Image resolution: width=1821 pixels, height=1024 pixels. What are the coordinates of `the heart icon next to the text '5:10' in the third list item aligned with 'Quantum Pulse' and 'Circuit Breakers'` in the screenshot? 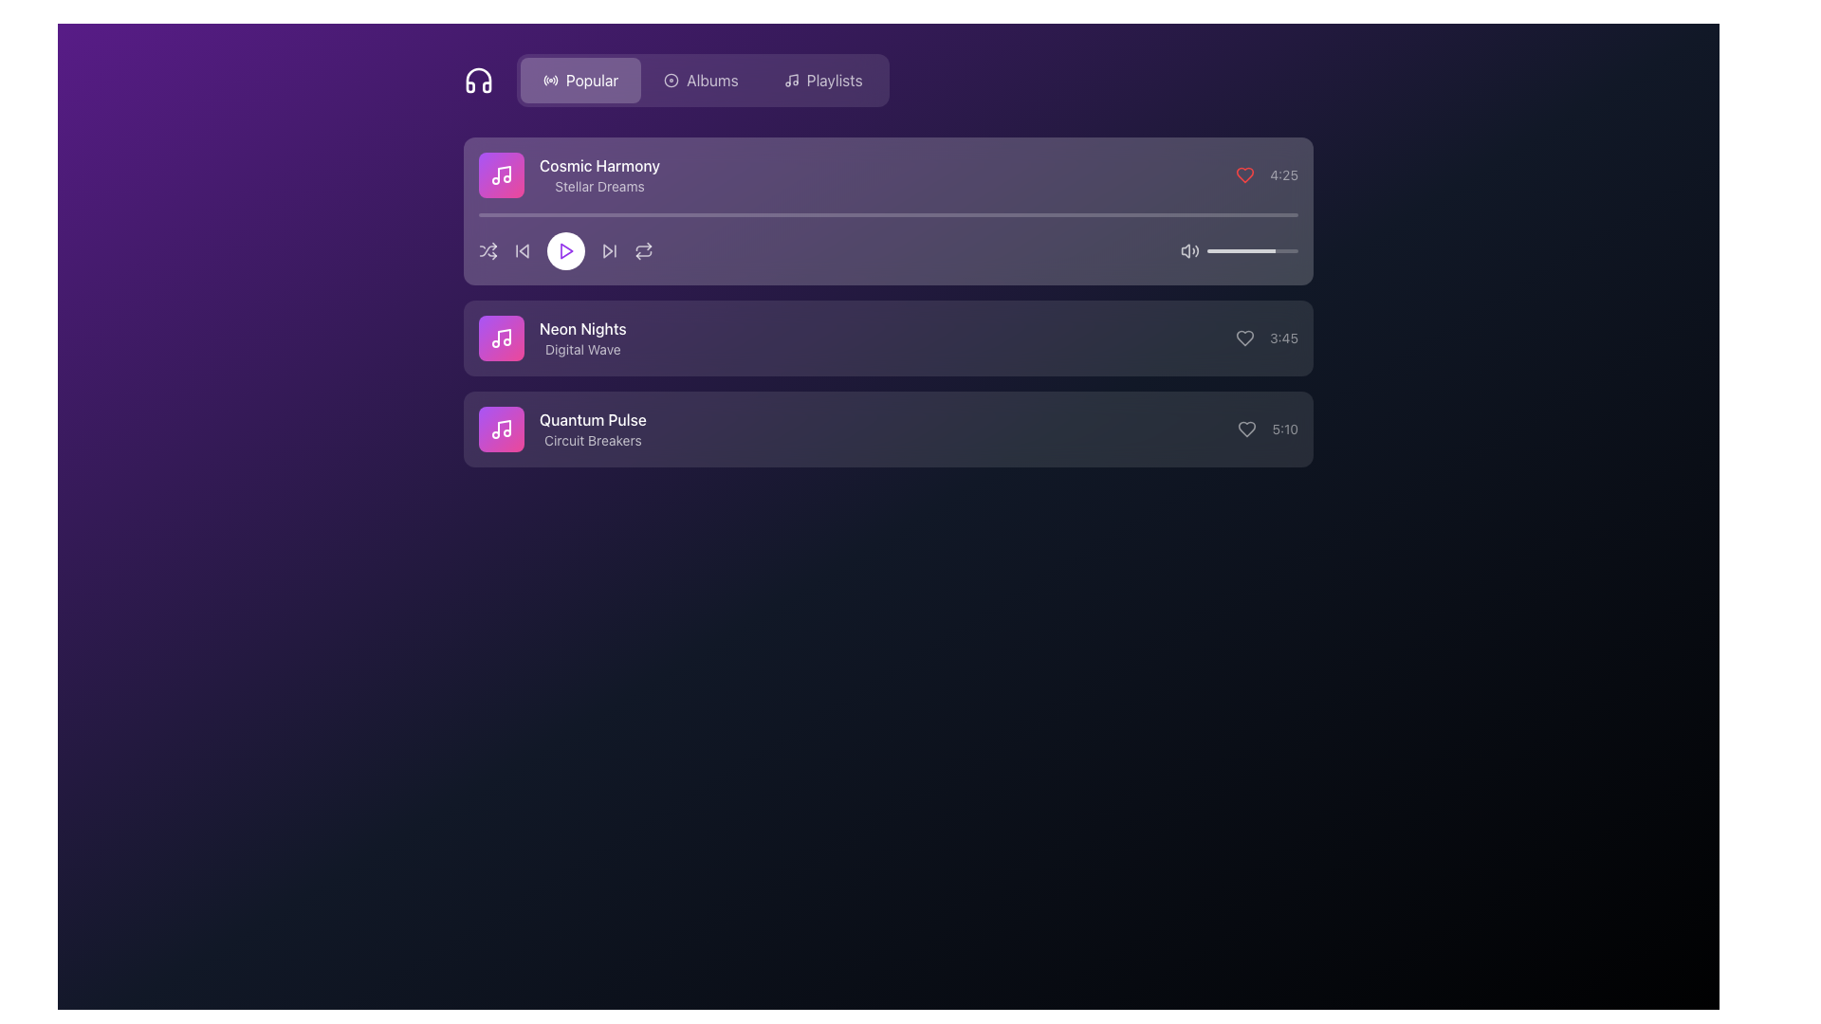 It's located at (1268, 429).